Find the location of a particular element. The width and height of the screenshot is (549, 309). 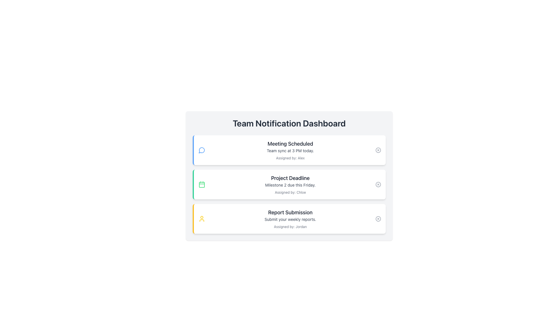

the calendar icon with a green border and white background located in the 'Project Deadline' notification panel is located at coordinates (202, 184).